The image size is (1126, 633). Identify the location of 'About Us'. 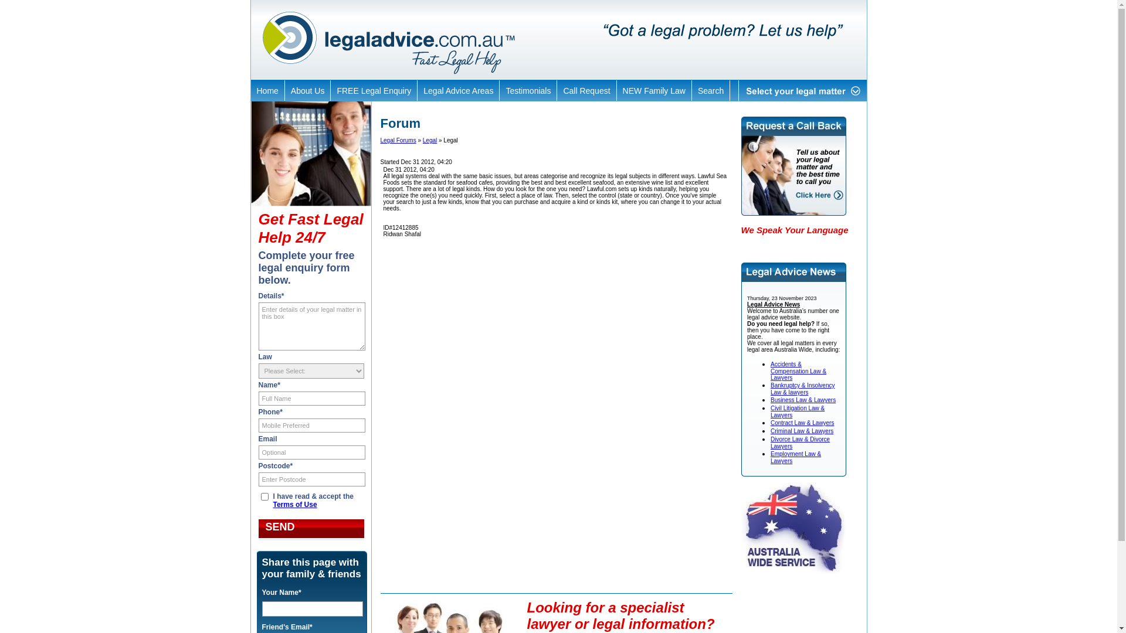
(284, 90).